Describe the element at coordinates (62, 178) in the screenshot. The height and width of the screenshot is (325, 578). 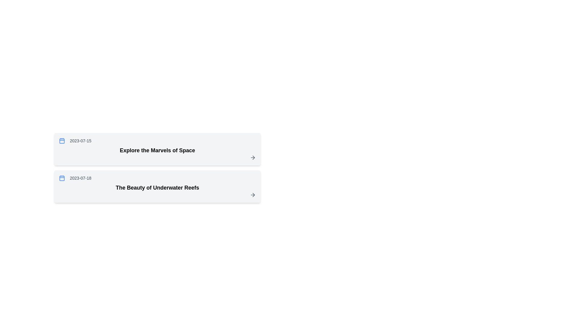
I see `the decorative shape within the calendar icon, positioned to the left of '2023-07-18'` at that location.